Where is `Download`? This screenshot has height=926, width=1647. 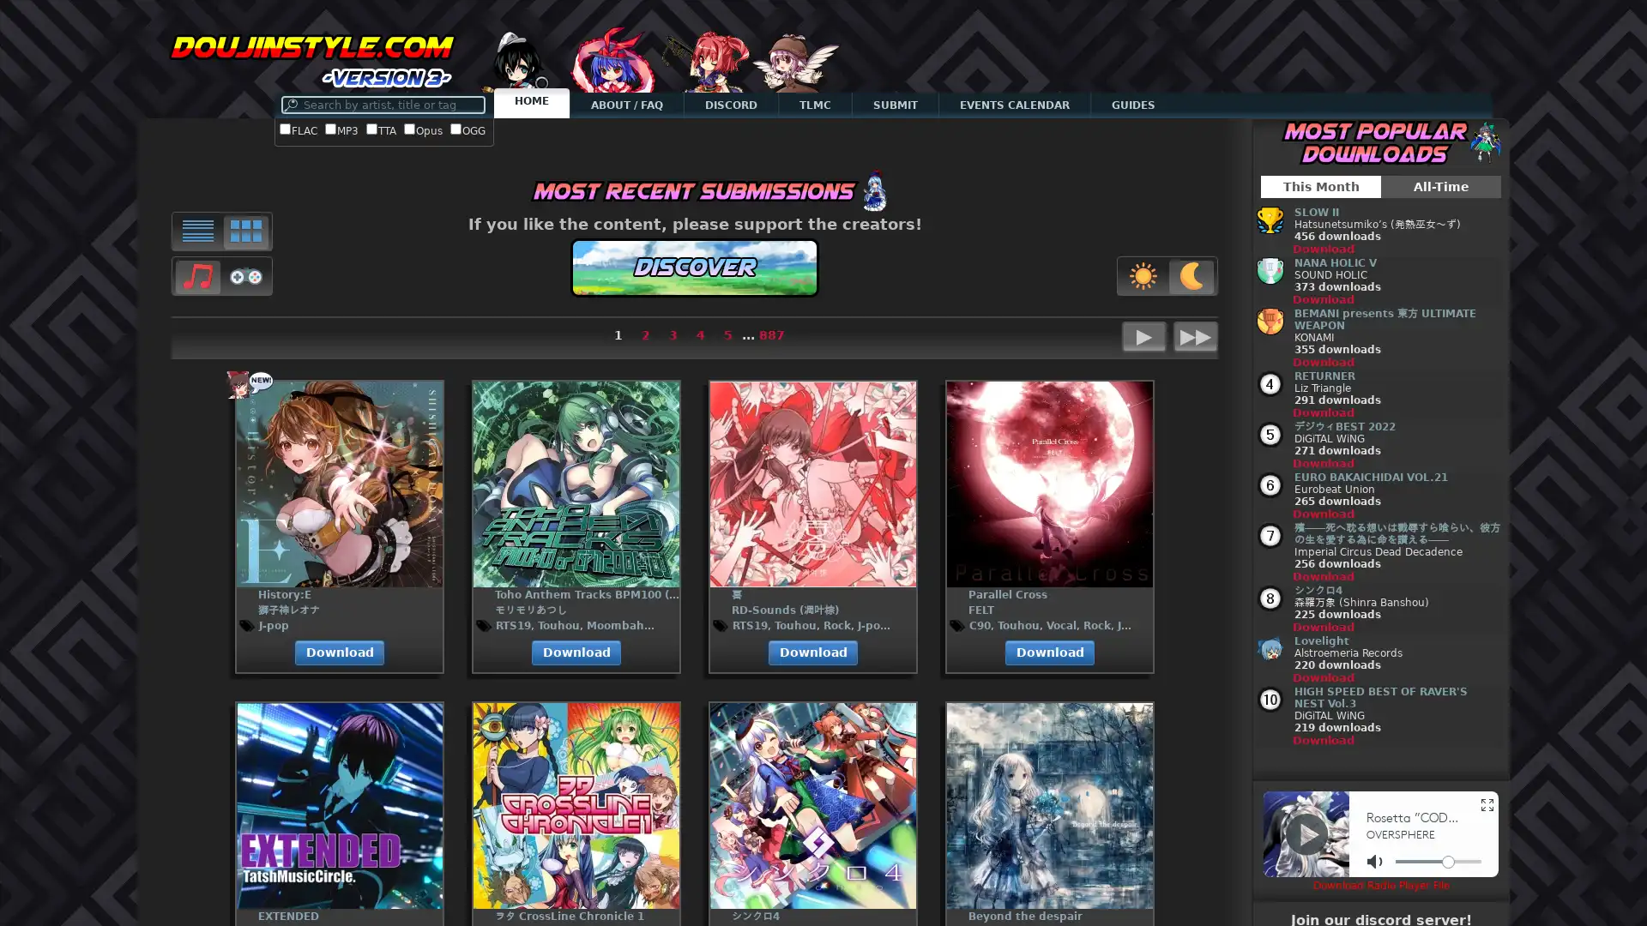
Download is located at coordinates (1322, 739).